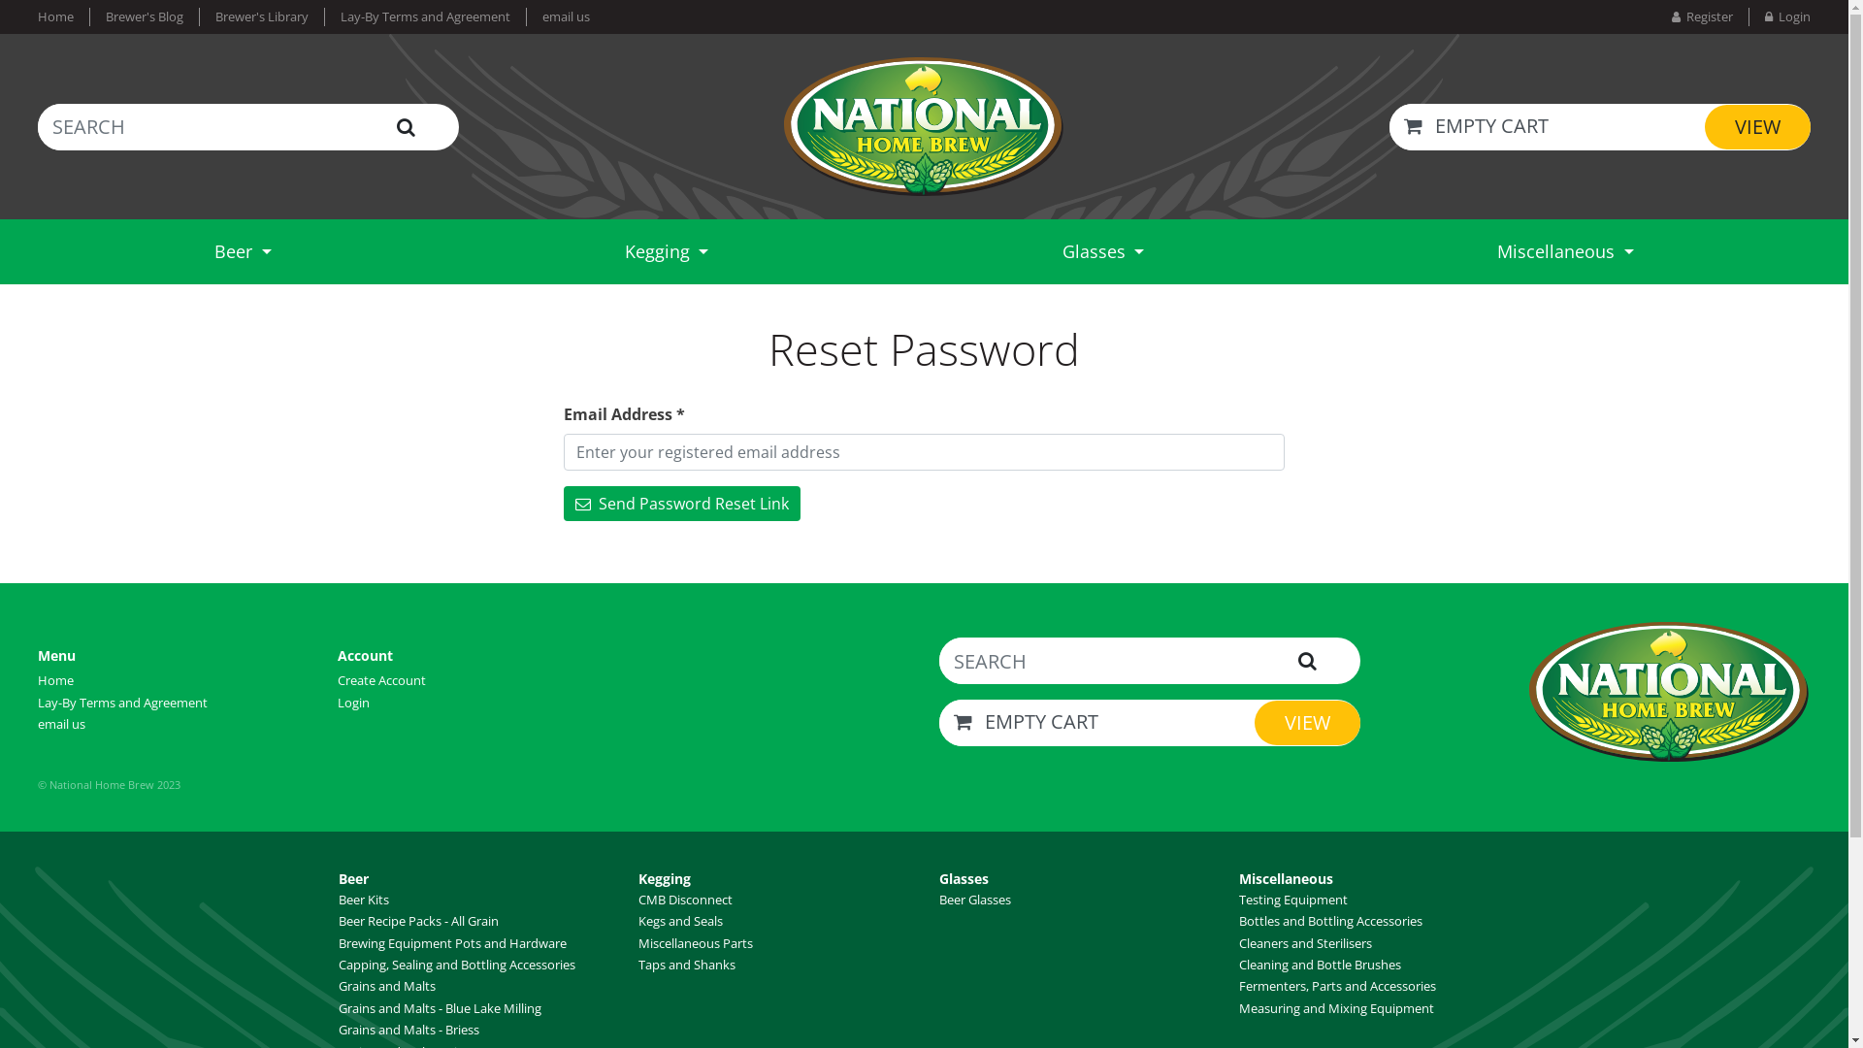 This screenshot has width=1863, height=1048. Describe the element at coordinates (324, 16) in the screenshot. I see `'Lay-By Terms and Agreement'` at that location.